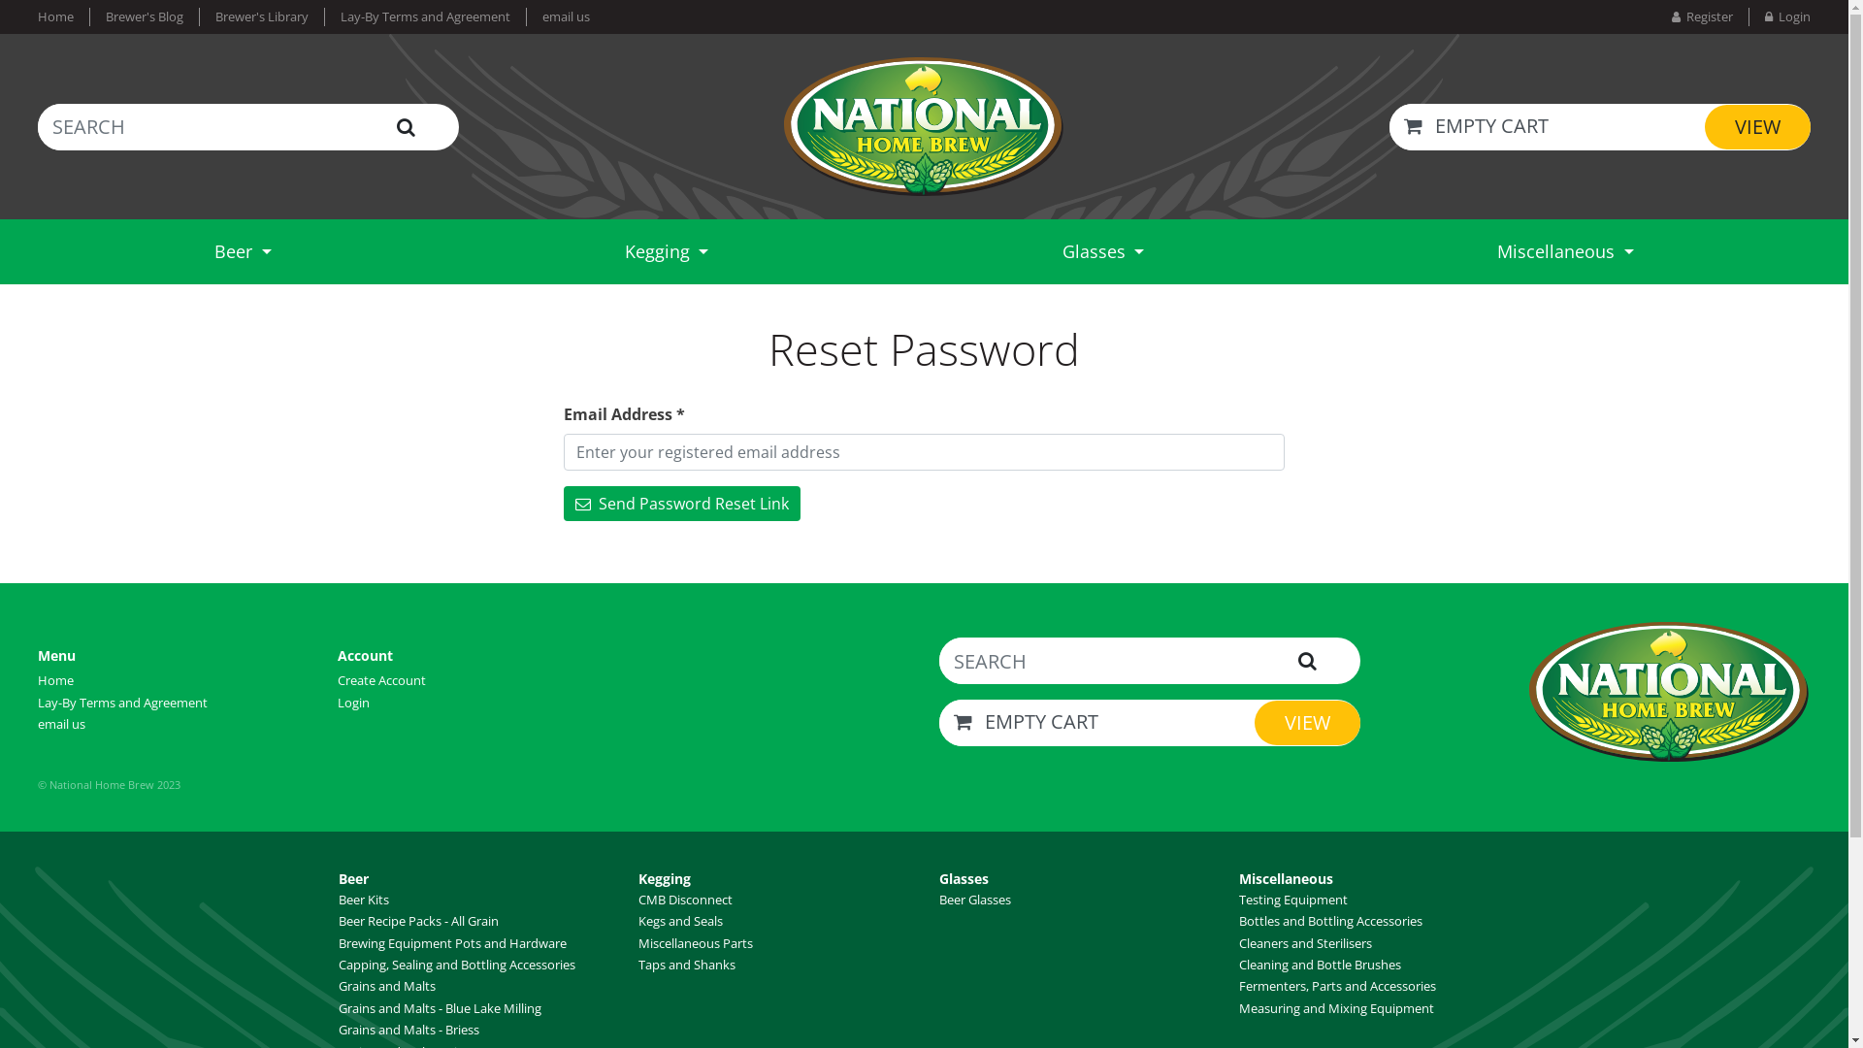 This screenshot has width=1863, height=1048. Describe the element at coordinates (324, 16) in the screenshot. I see `'Lay-By Terms and Agreement'` at that location.